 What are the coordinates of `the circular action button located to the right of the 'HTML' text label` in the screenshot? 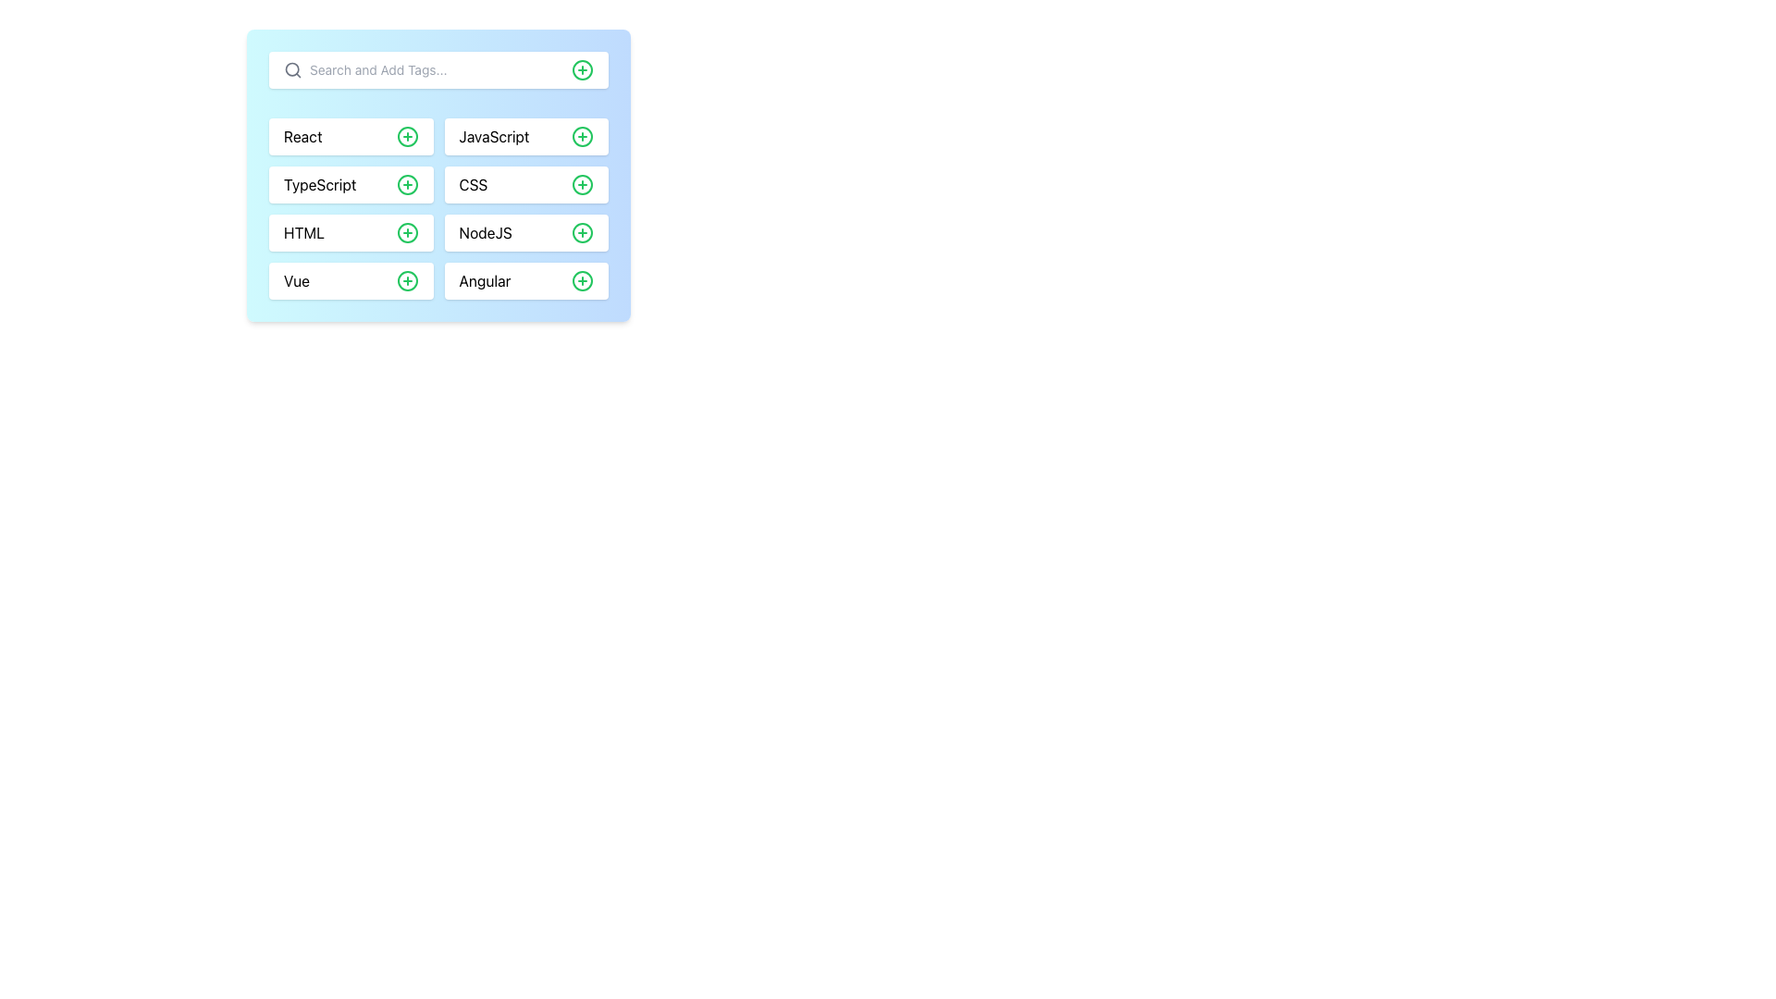 It's located at (406, 231).